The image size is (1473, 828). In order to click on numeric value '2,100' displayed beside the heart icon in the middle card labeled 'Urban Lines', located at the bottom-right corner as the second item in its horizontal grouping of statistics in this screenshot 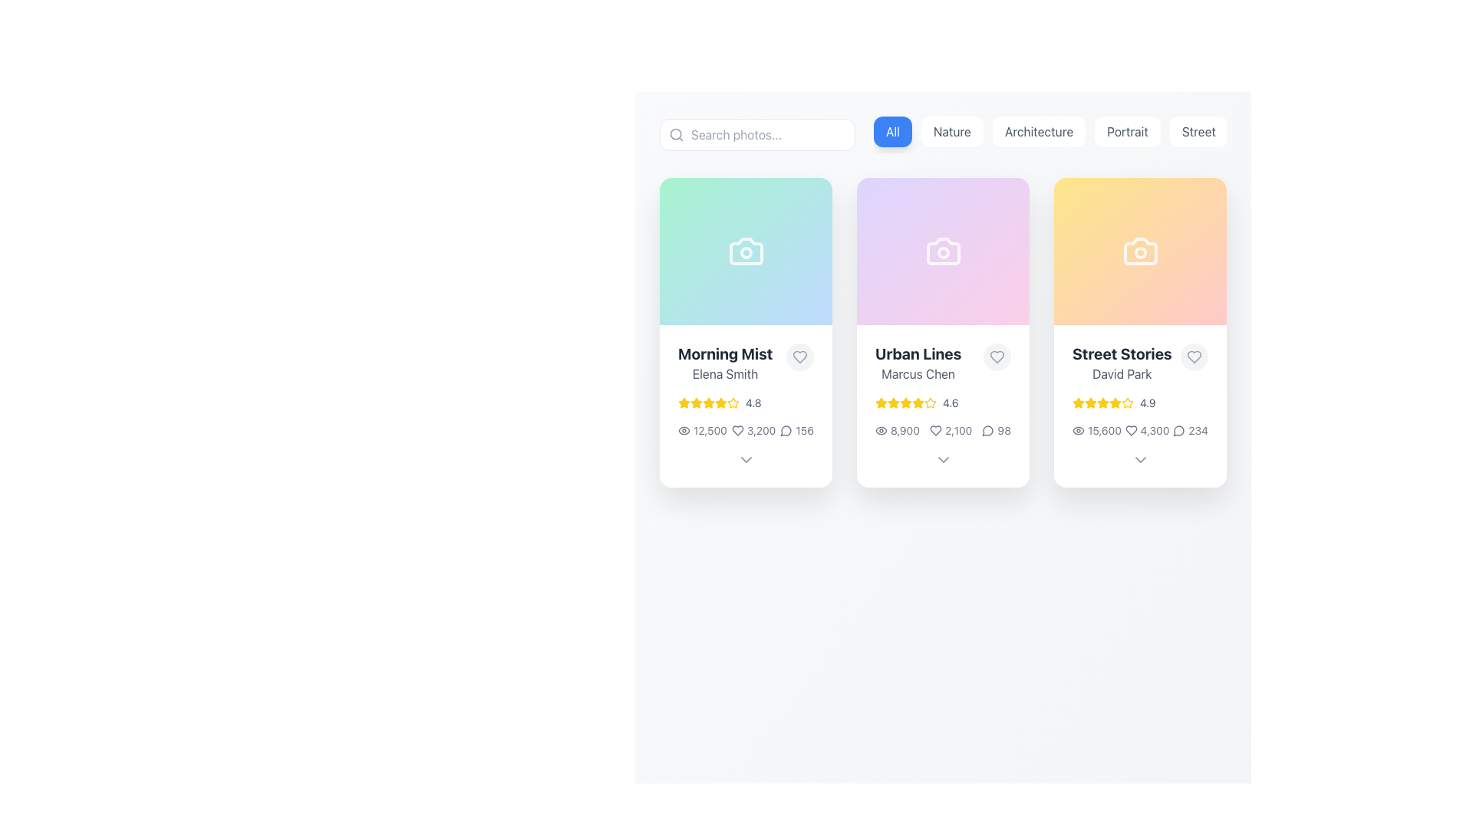, I will do `click(950, 431)`.